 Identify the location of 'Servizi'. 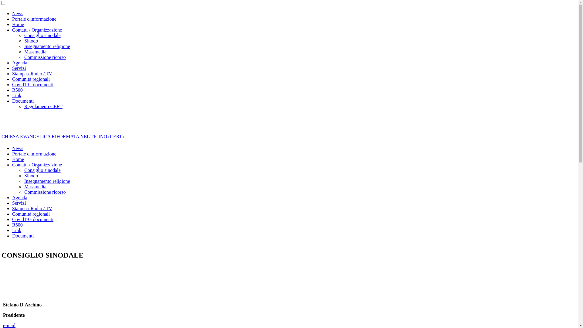
(12, 68).